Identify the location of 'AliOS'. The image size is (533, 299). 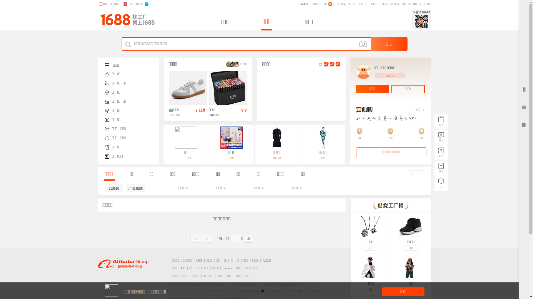
(266, 261).